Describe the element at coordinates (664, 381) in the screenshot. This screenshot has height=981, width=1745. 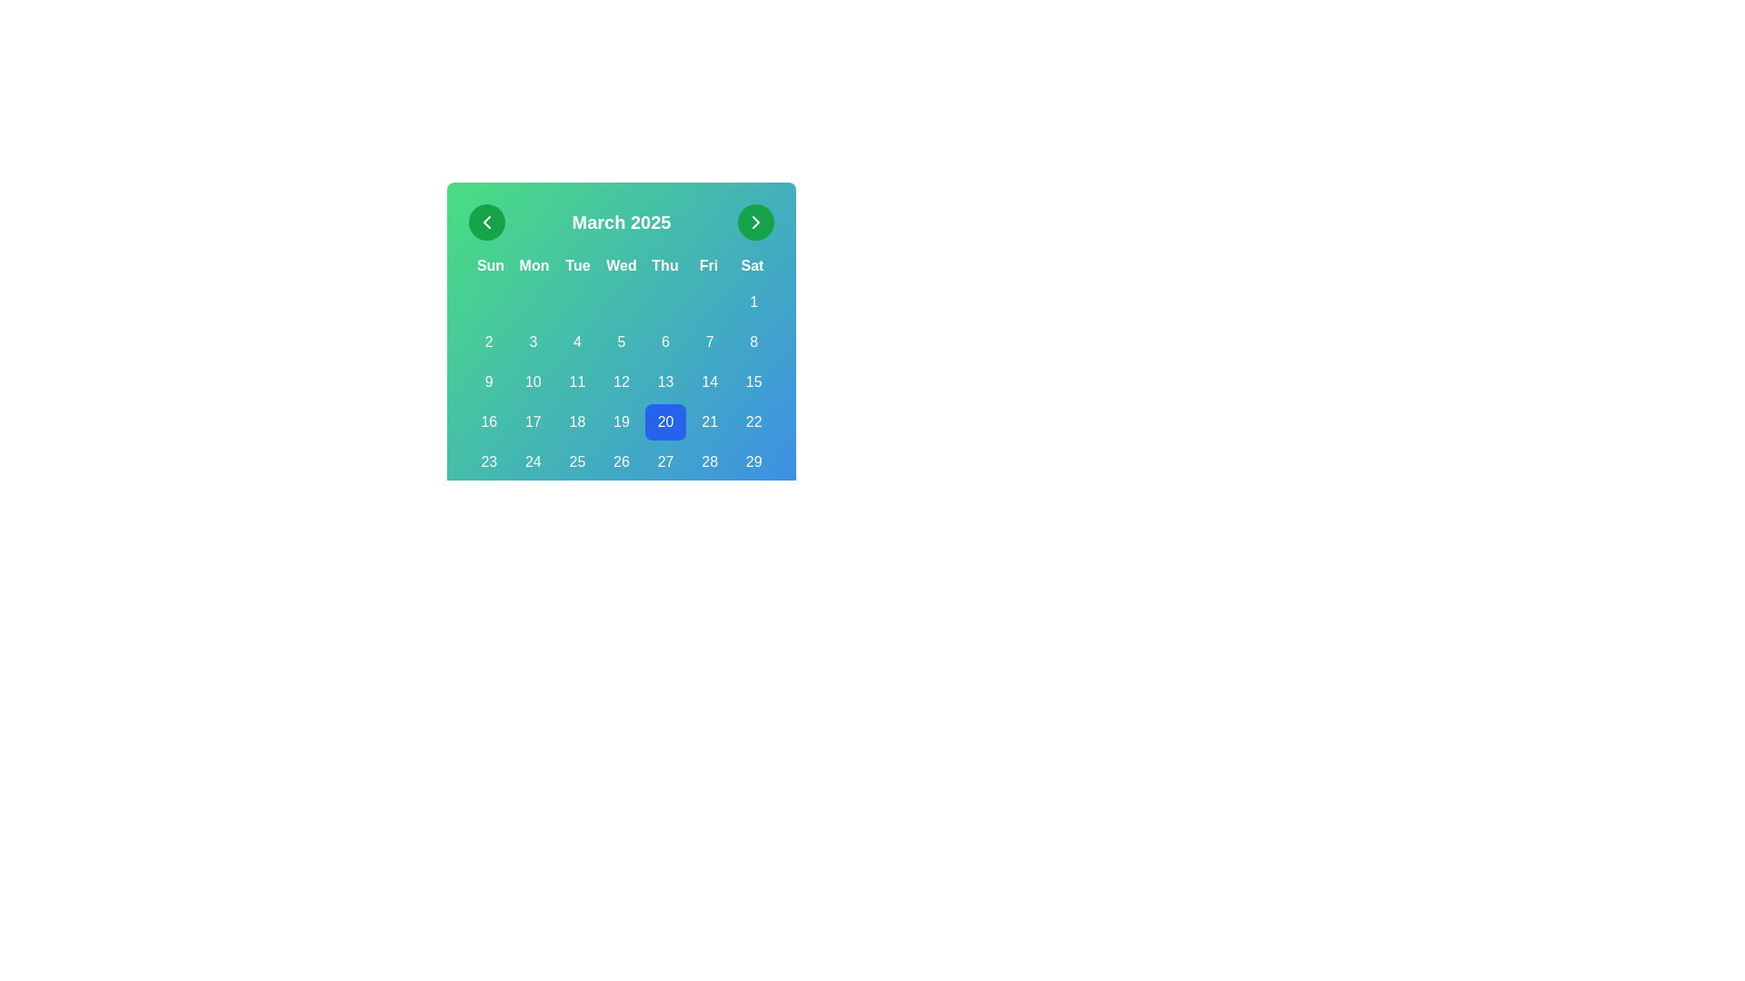
I see `the button representing the date '13' in the calendar located in the third row and sixth column under the 'Thu' column label` at that location.